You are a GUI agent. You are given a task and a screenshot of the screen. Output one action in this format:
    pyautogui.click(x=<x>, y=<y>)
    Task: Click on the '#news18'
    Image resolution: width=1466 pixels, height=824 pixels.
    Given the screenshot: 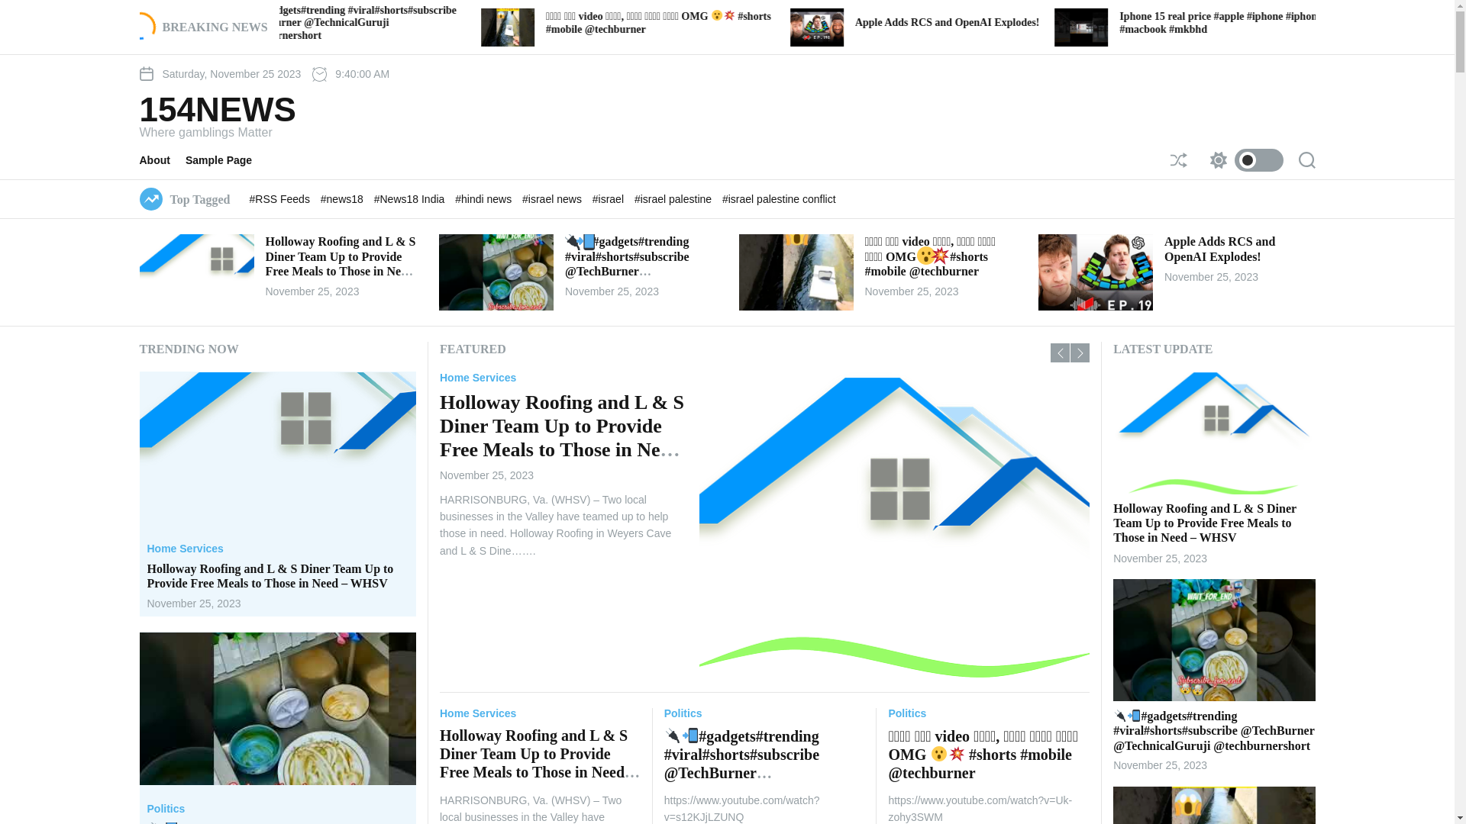 What is the action you would take?
    pyautogui.click(x=343, y=198)
    